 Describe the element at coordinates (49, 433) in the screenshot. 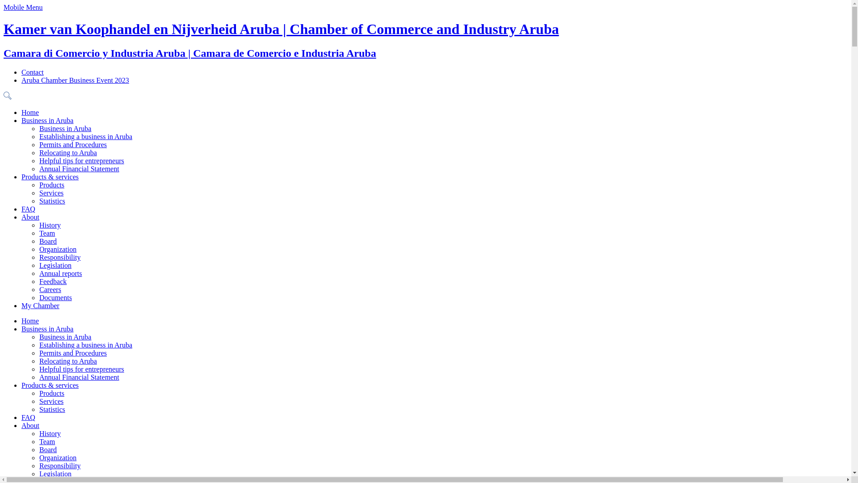

I see `'History'` at that location.